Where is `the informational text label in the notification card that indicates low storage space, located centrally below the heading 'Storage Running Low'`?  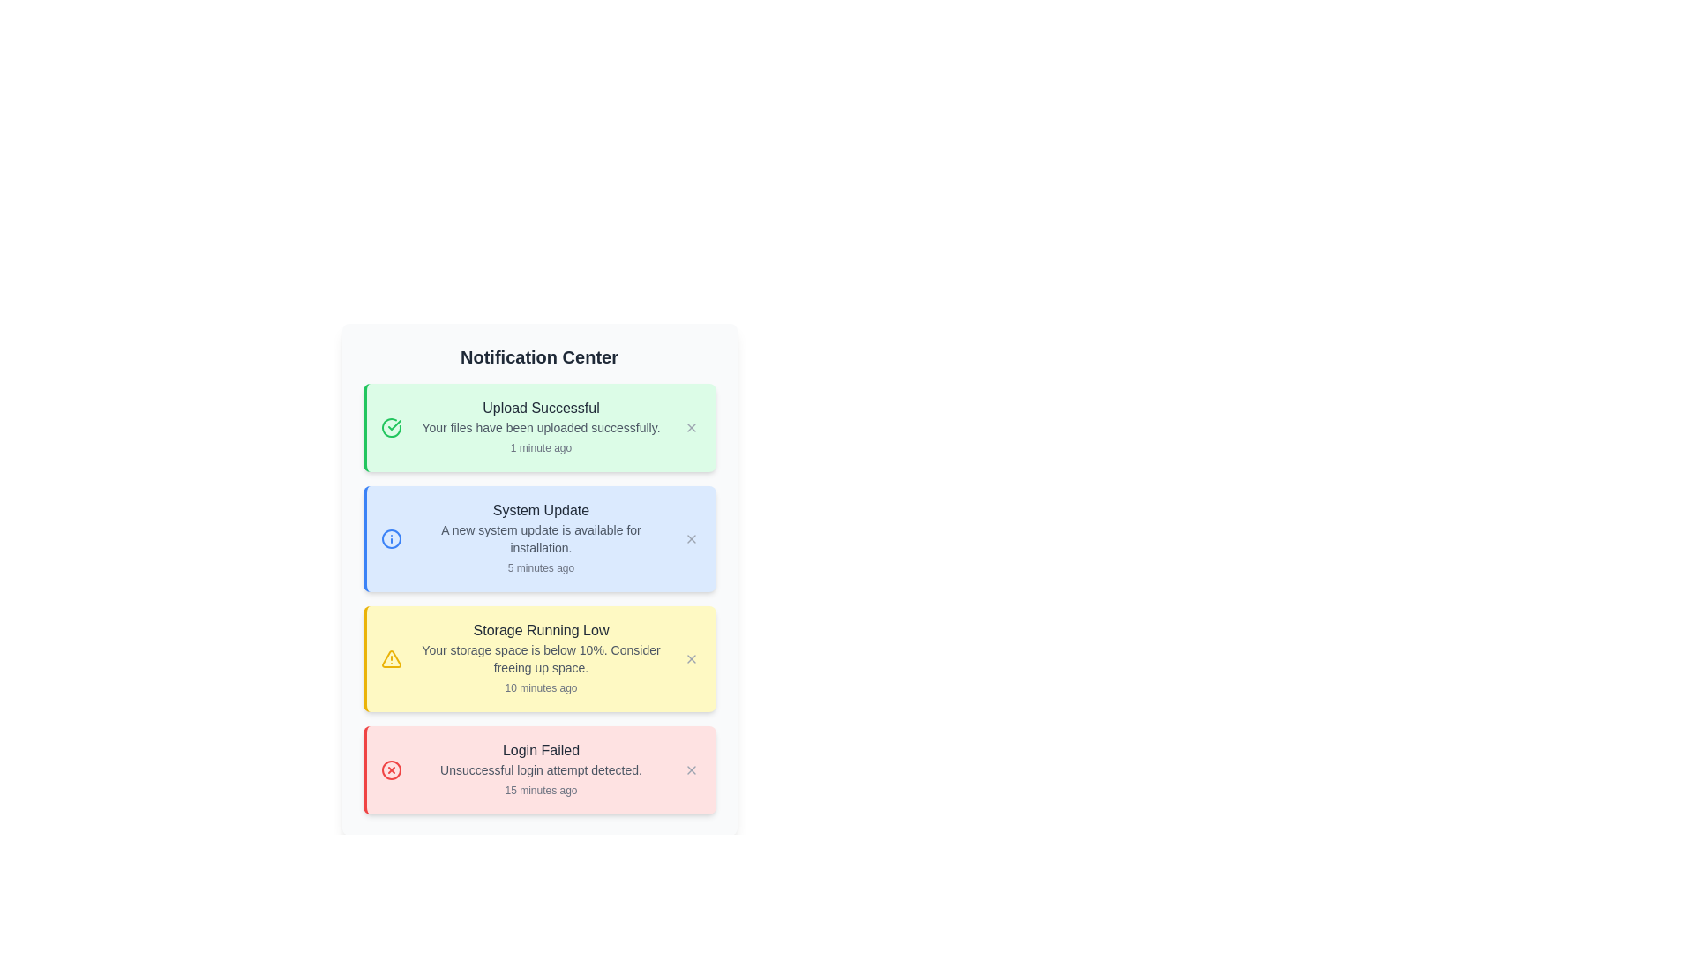 the informational text label in the notification card that indicates low storage space, located centrally below the heading 'Storage Running Low' is located at coordinates (540, 659).